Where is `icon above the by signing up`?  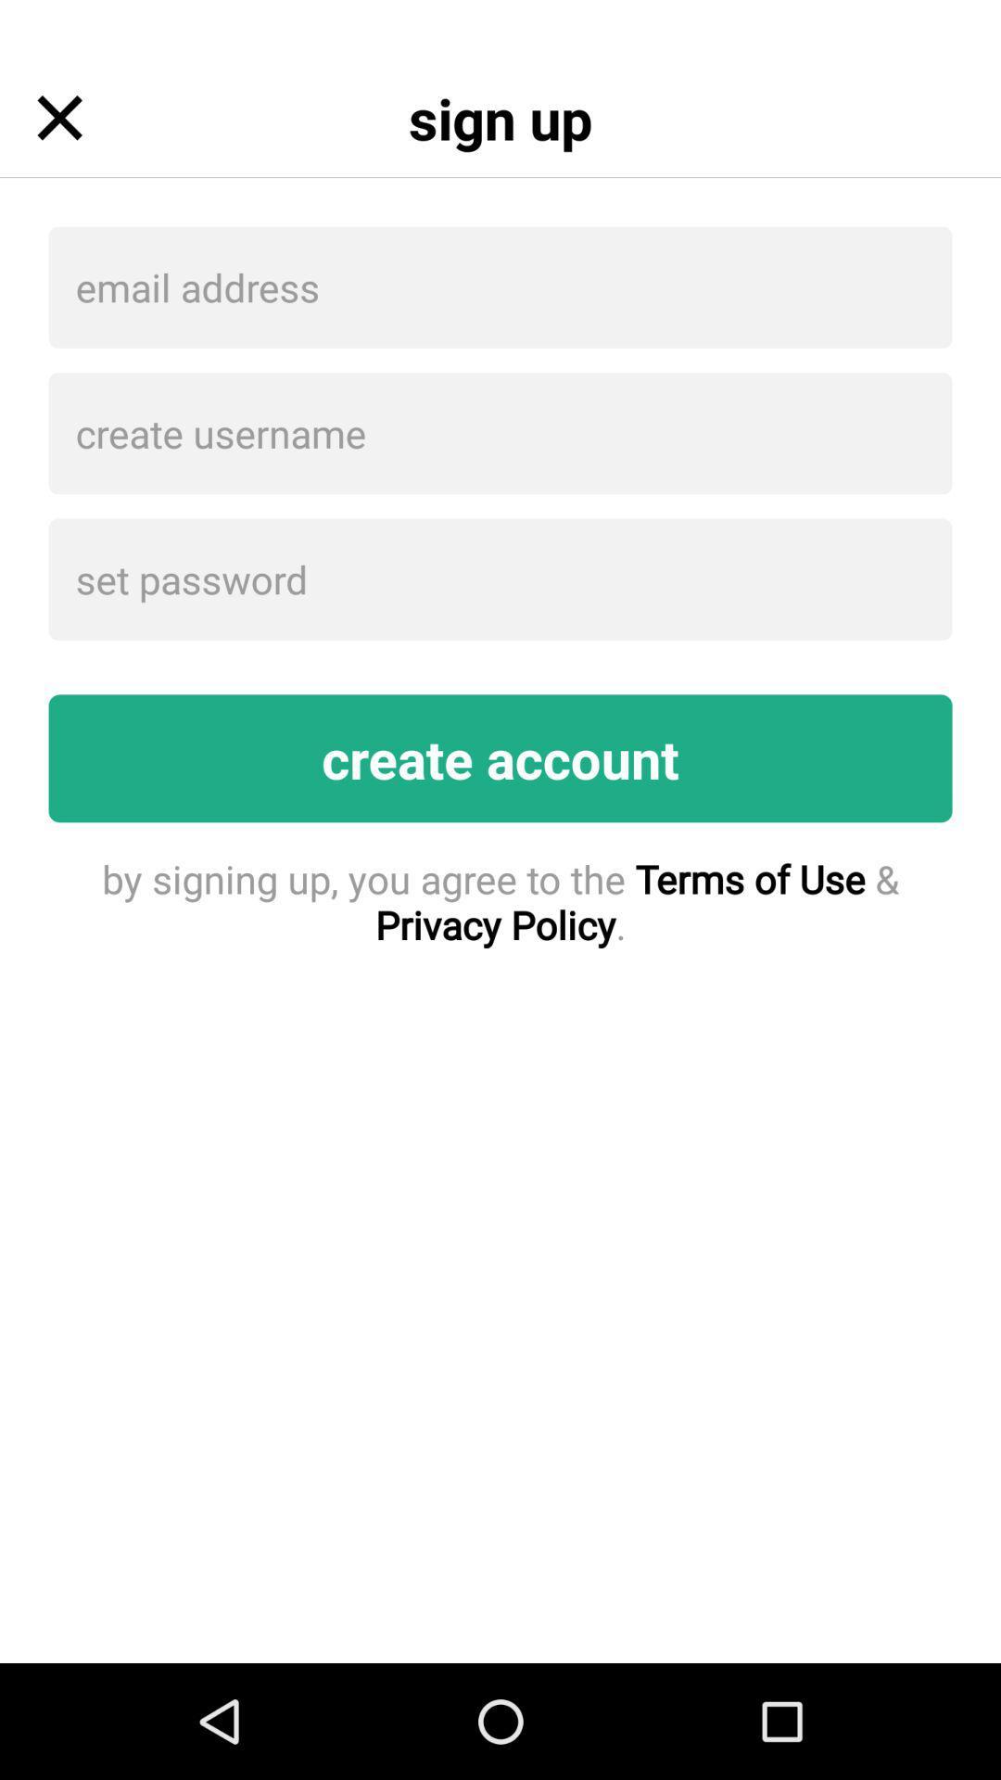 icon above the by signing up is located at coordinates (500, 758).